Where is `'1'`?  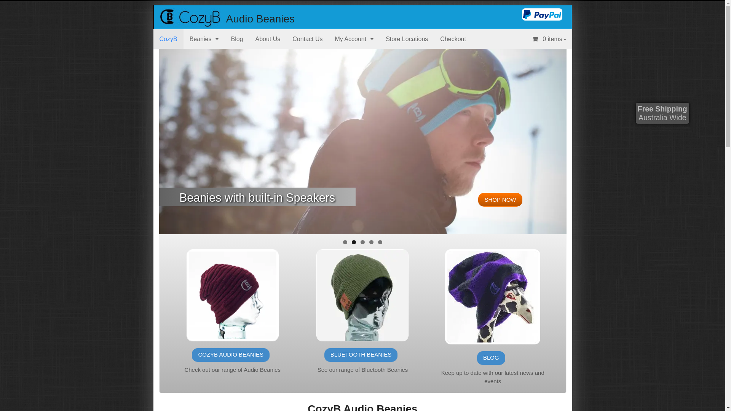 '1' is located at coordinates (345, 242).